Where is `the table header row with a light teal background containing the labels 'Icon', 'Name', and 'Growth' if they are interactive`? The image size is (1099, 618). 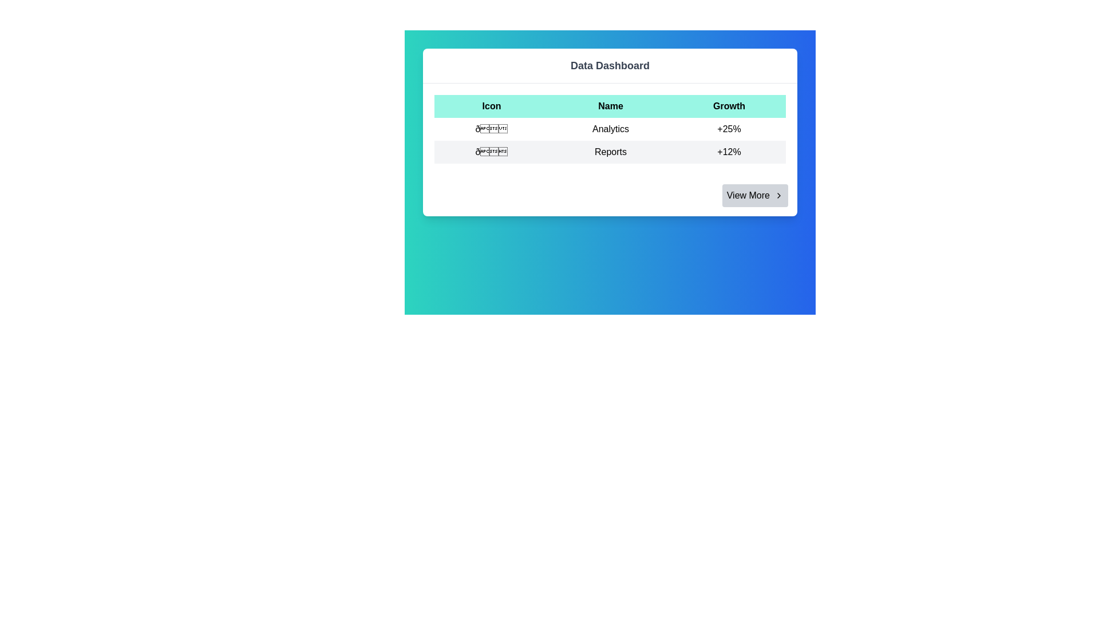
the table header row with a light teal background containing the labels 'Icon', 'Name', and 'Growth' if they are interactive is located at coordinates (609, 106).